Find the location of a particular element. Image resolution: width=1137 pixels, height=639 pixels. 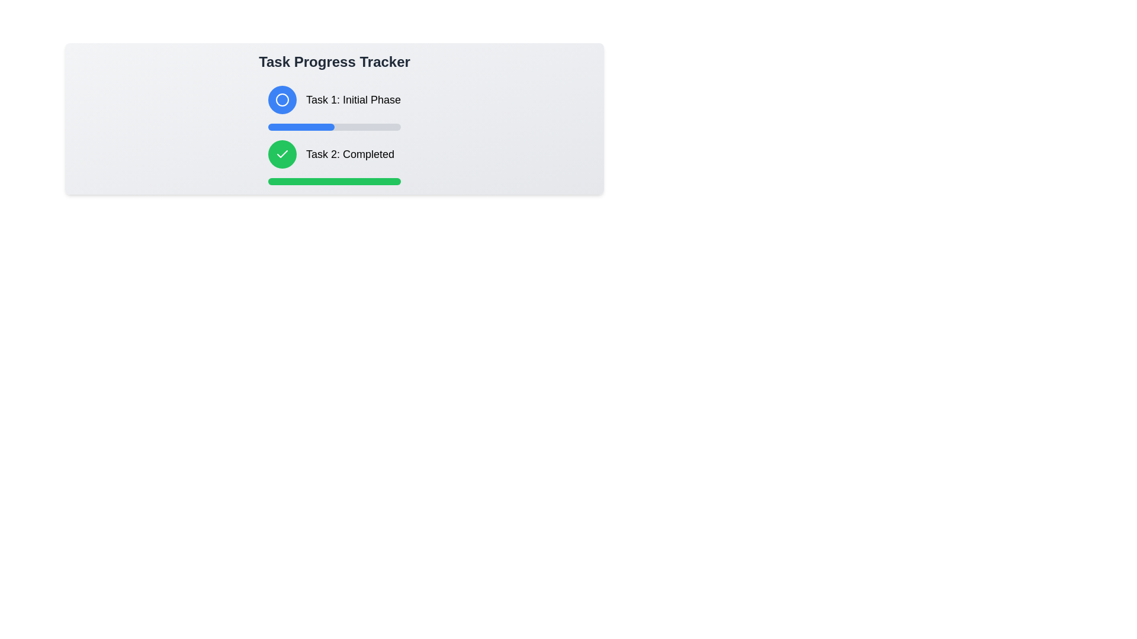

the Task Progress Display Section which shows 'Task 1: Initial Phase' and 'Task 2: Completed' with their respective icons and progress bars is located at coordinates (334, 134).